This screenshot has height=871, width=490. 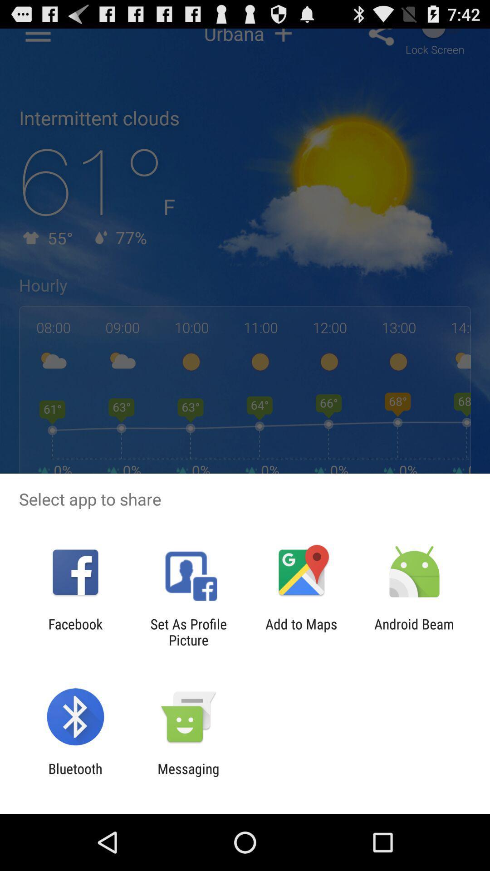 What do you see at coordinates (75, 776) in the screenshot?
I see `bluetooth icon` at bounding box center [75, 776].